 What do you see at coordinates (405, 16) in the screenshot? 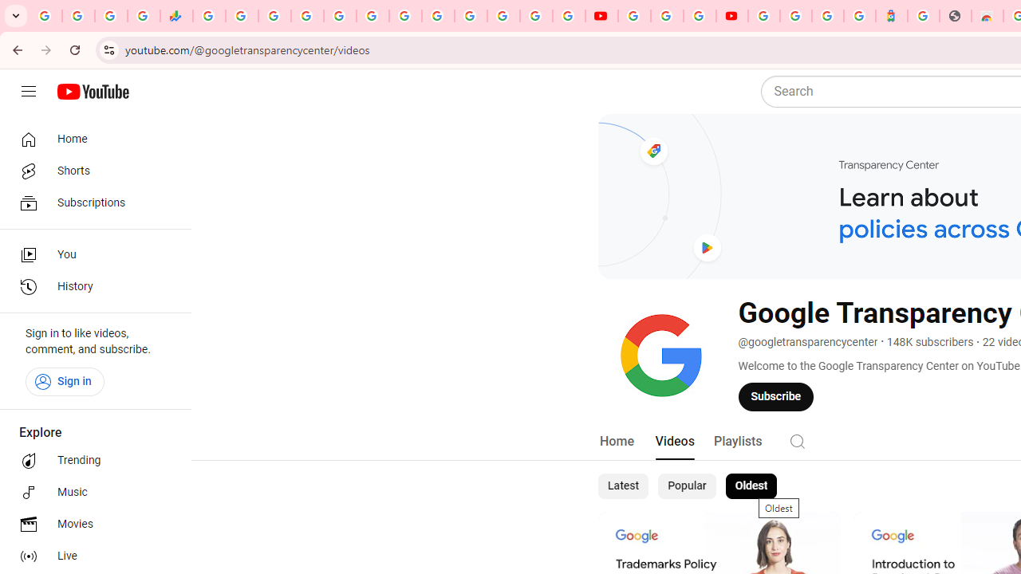
I see `'Android TV Policies and Guidelines - Transparency Center'` at bounding box center [405, 16].